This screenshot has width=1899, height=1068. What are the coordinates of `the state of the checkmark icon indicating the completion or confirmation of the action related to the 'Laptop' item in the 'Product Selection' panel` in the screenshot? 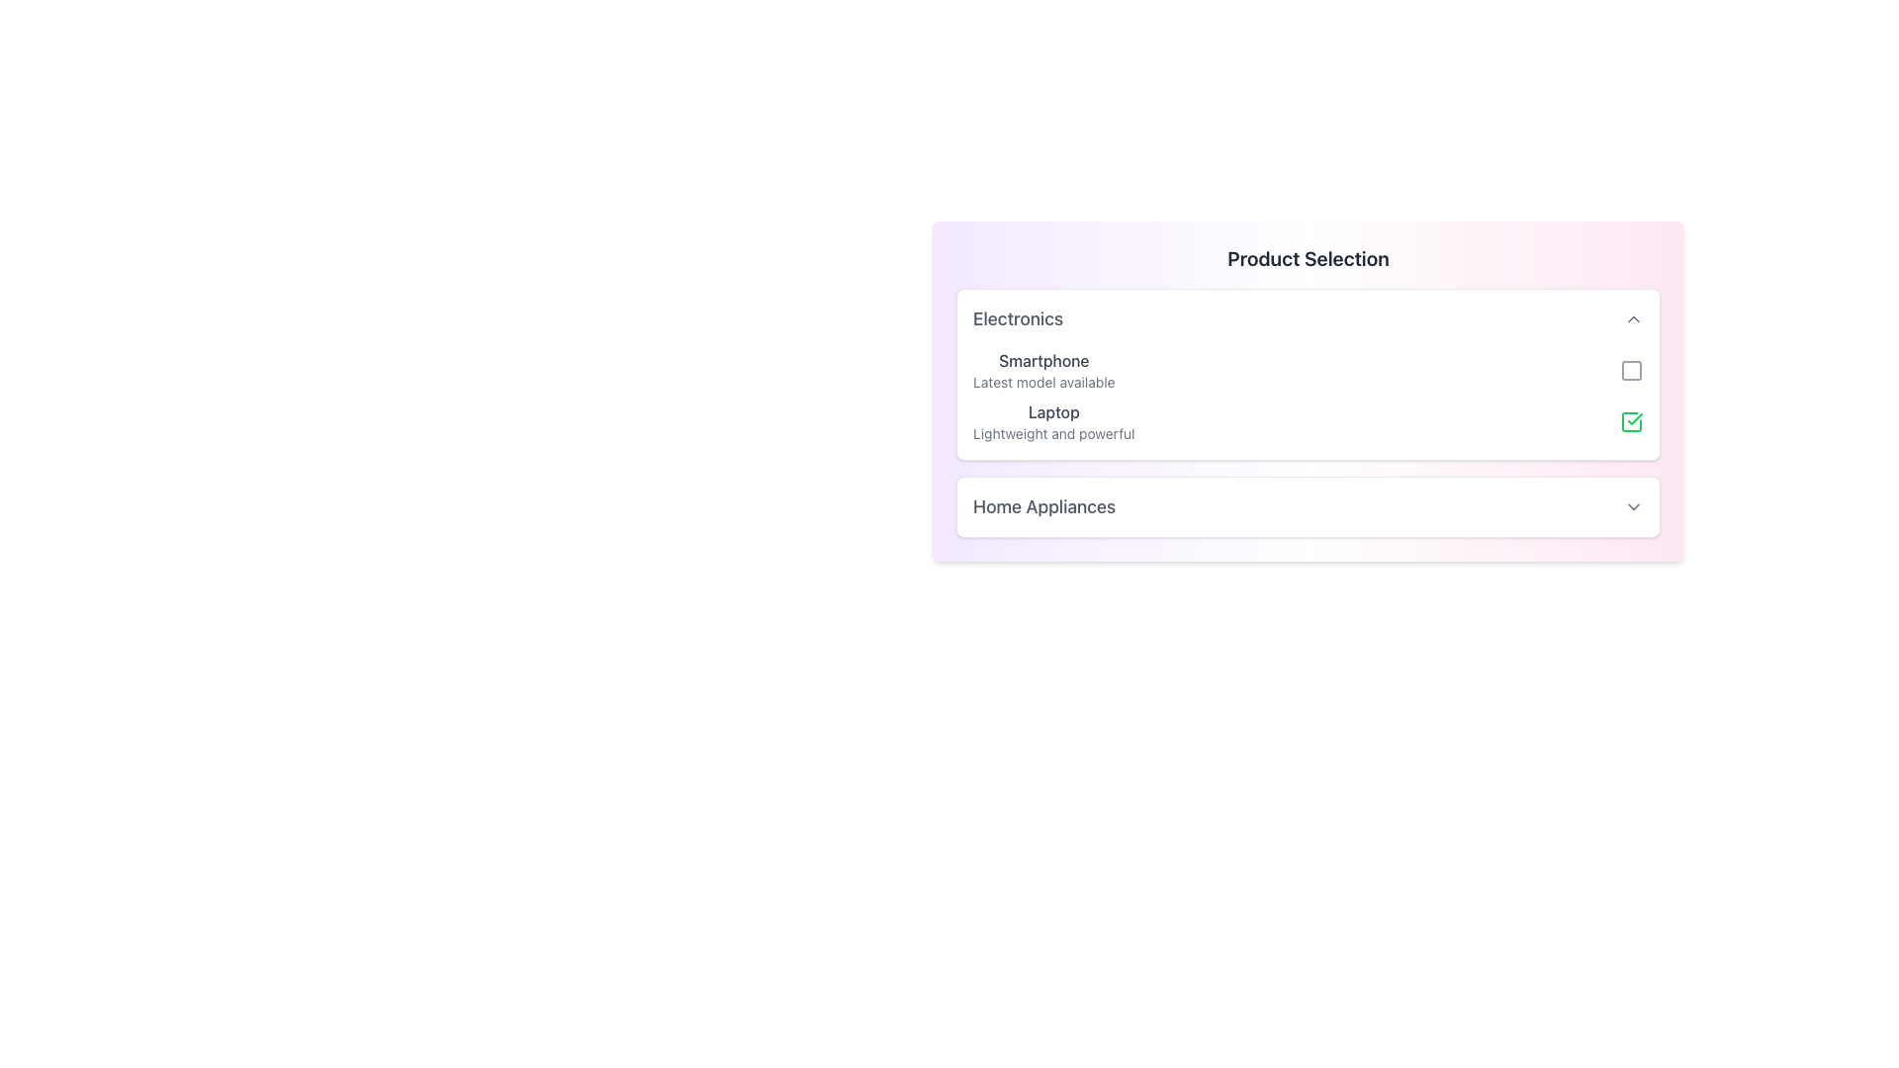 It's located at (1635, 418).